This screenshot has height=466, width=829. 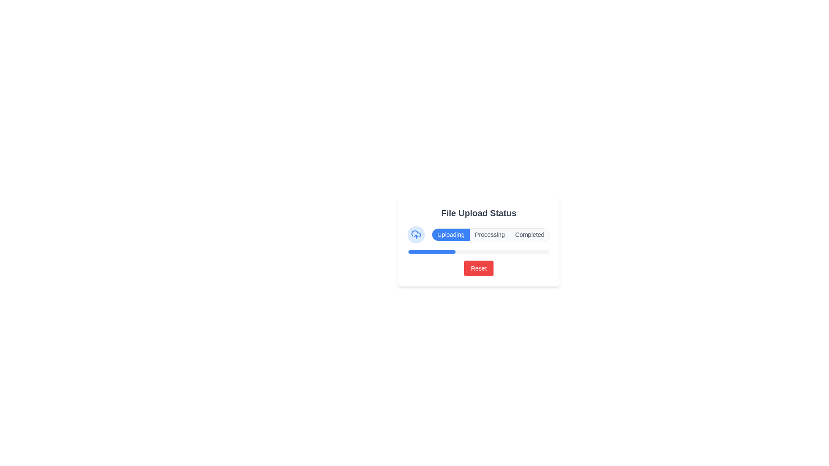 I want to click on the 'Uploading' status button, which is the first of three sibling buttons in the 'File Upload Status' section, located to the left of the 'Processing' and 'Completed' buttons, so click(x=450, y=234).